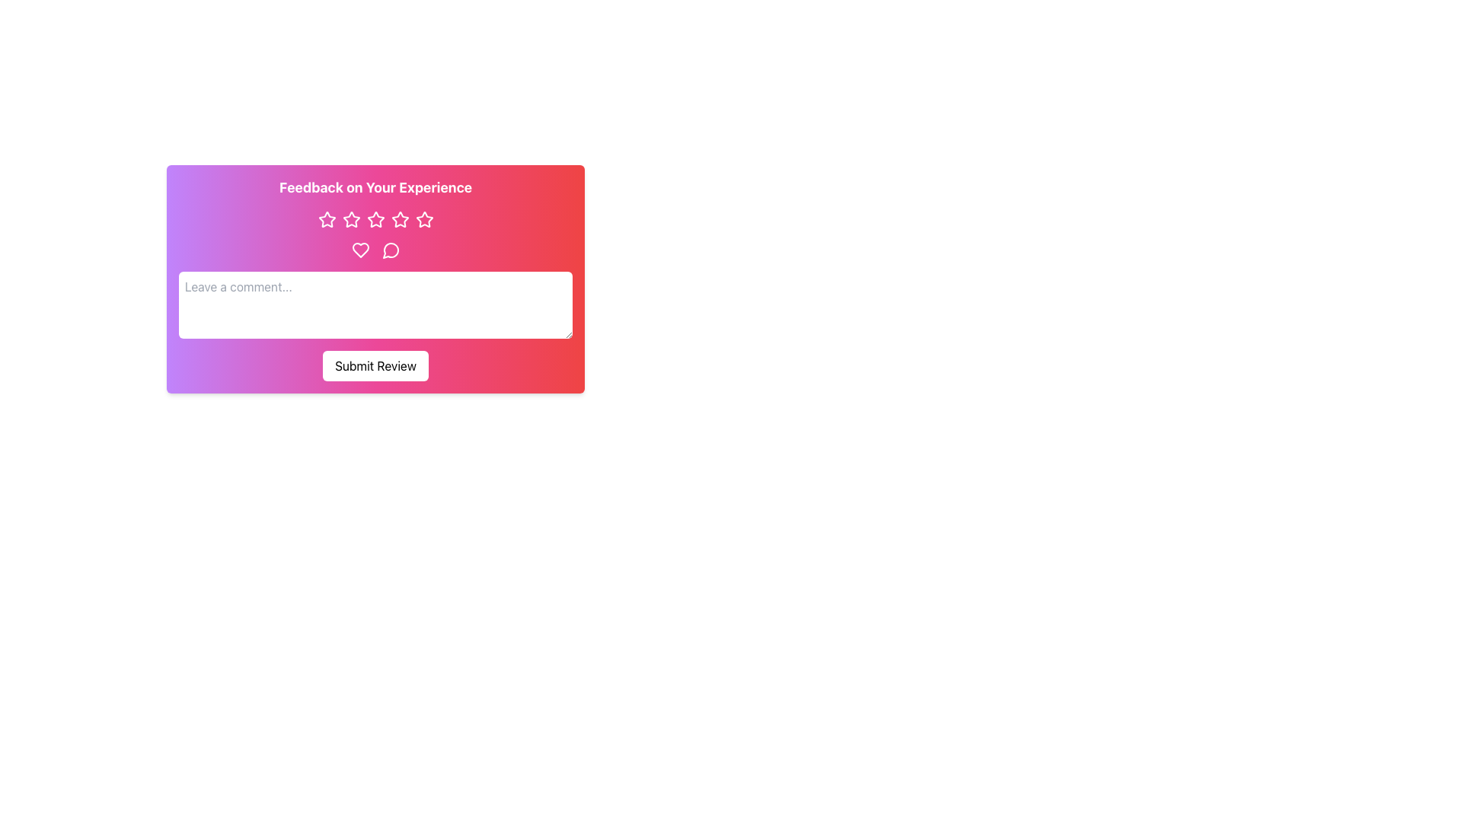 This screenshot has height=822, width=1462. What do you see at coordinates (359, 249) in the screenshot?
I see `the heart-shaped icon located centrally among feedback icons, specifically the third element in the row, to provide feedback` at bounding box center [359, 249].